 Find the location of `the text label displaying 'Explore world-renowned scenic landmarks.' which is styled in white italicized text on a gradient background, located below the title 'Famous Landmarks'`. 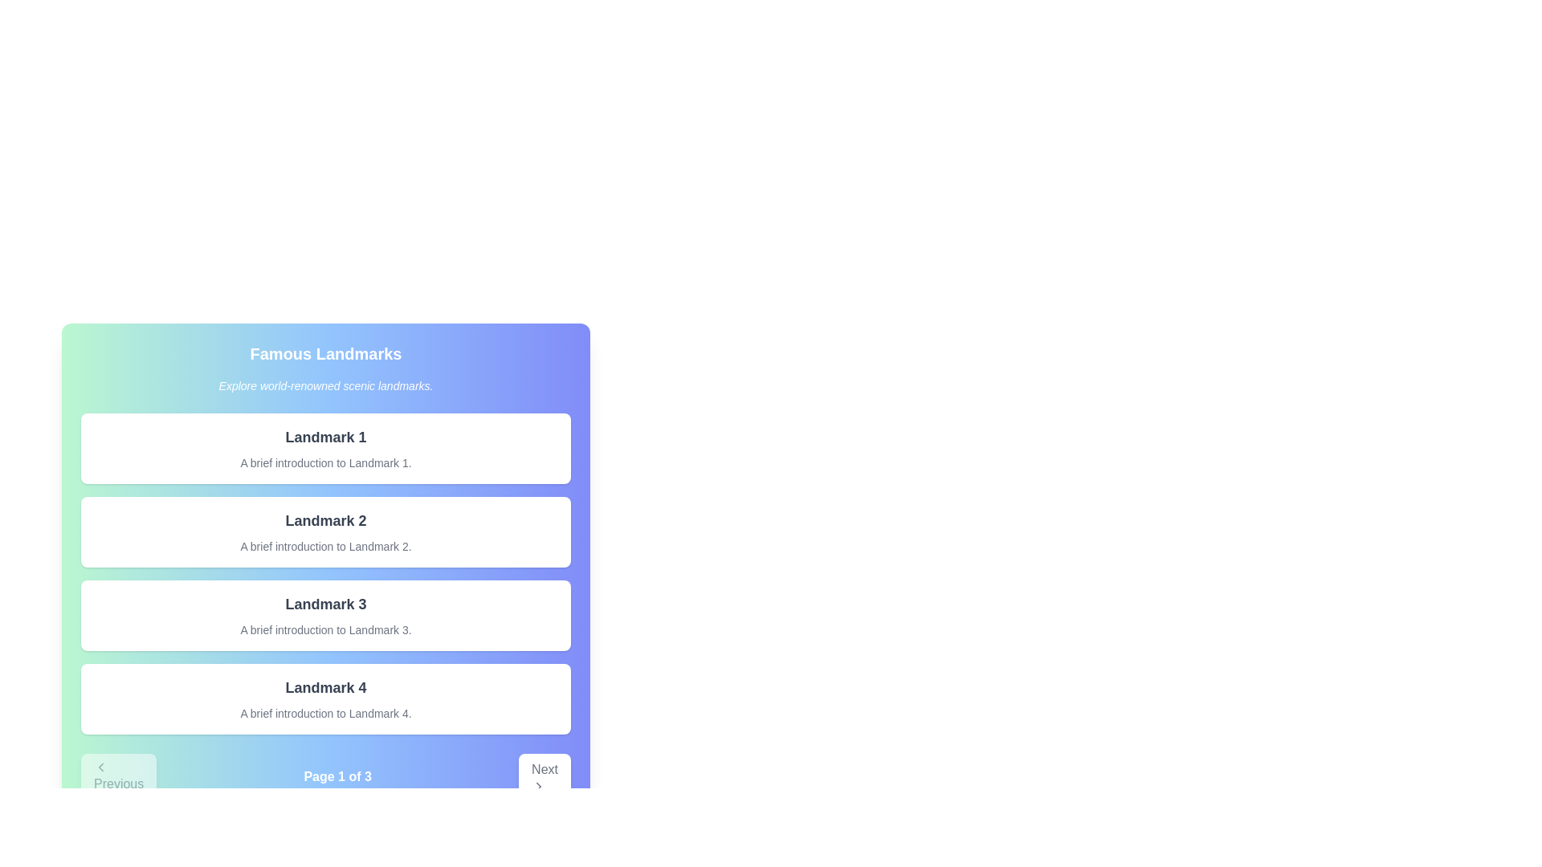

the text label displaying 'Explore world-renowned scenic landmarks.' which is styled in white italicized text on a gradient background, located below the title 'Famous Landmarks' is located at coordinates (325, 386).